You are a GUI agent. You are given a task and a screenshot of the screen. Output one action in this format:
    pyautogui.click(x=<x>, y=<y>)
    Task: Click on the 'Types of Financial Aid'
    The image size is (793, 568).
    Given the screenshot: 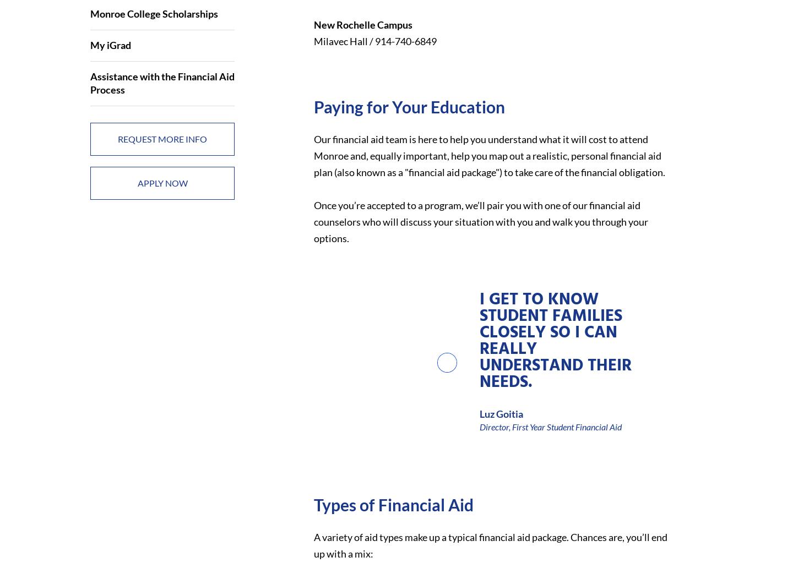 What is the action you would take?
    pyautogui.click(x=393, y=504)
    